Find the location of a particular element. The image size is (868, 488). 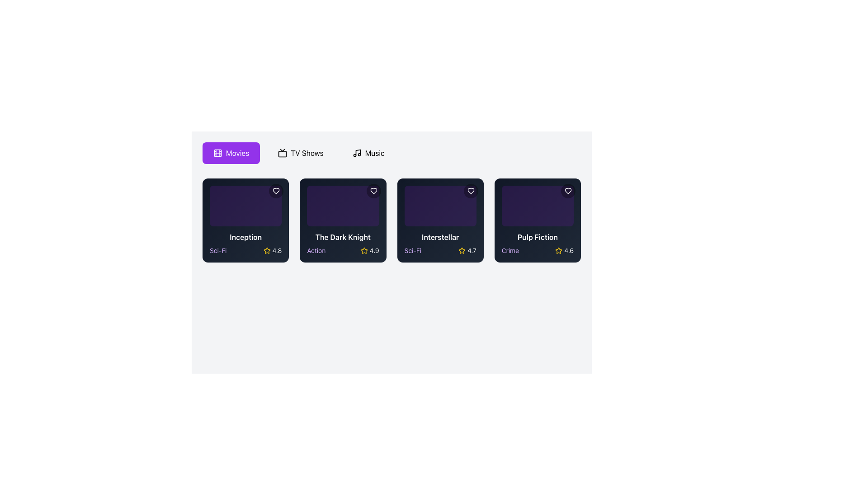

the 'like' button for the movie 'Pulp Fiction' is located at coordinates (568, 191).